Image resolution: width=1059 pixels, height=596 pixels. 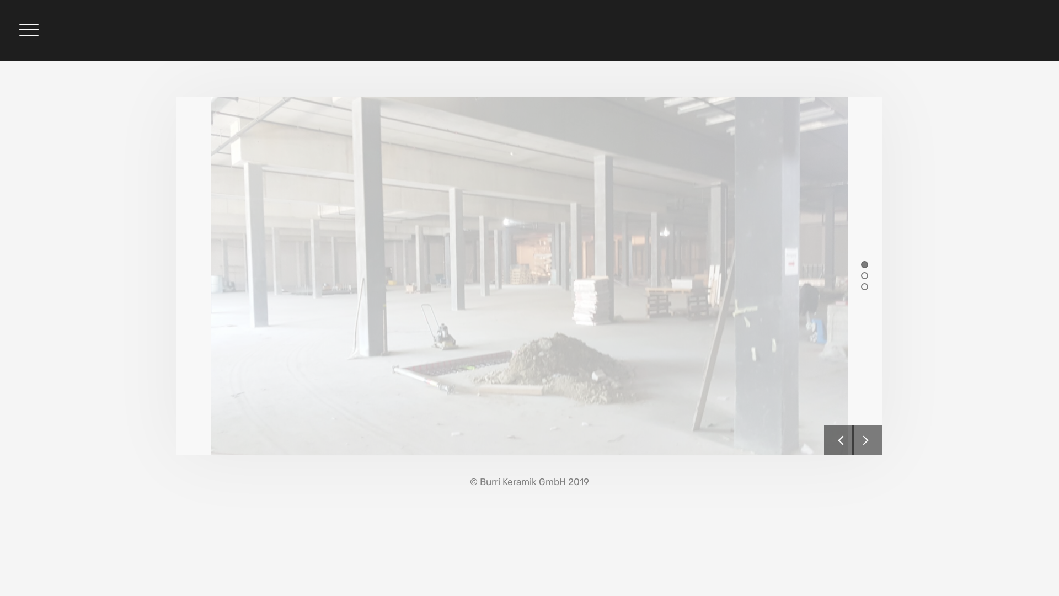 What do you see at coordinates (864, 285) in the screenshot?
I see `'3'` at bounding box center [864, 285].